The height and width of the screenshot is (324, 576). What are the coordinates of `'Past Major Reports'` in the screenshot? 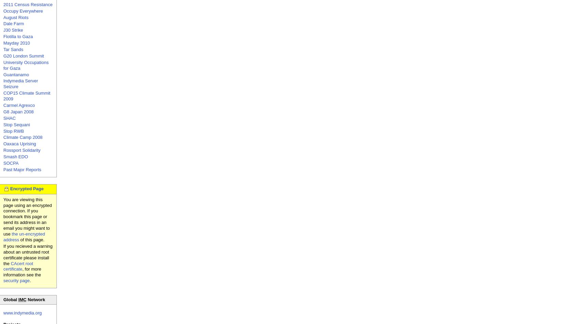 It's located at (22, 169).